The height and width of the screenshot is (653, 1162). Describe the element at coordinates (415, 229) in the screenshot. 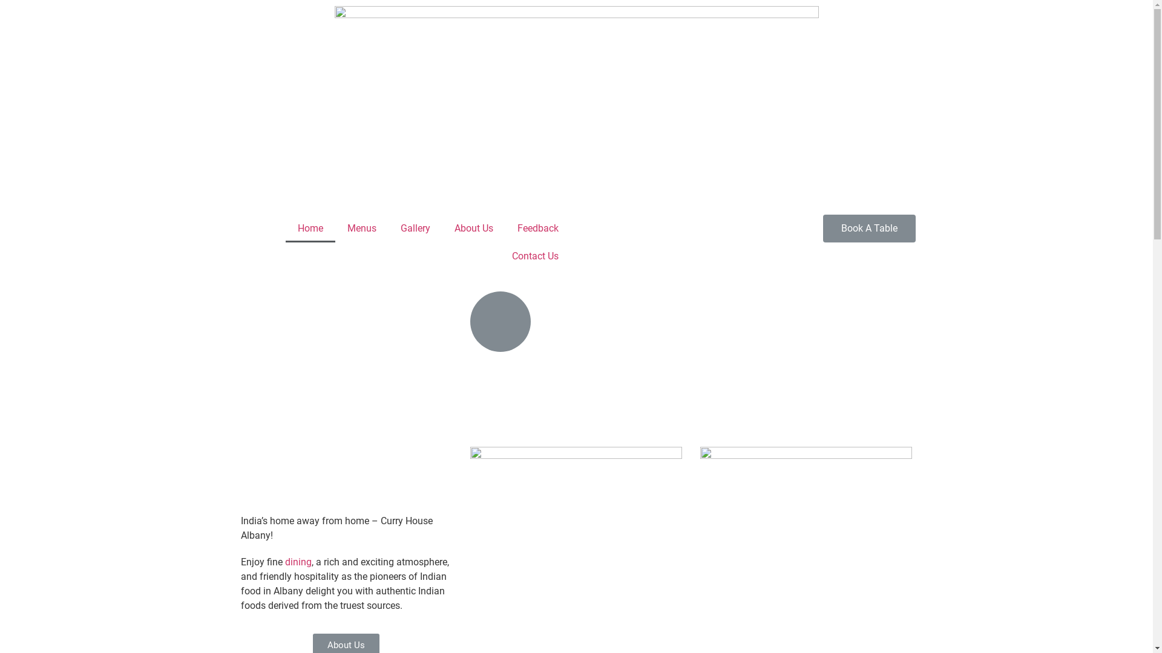

I see `'Gallery'` at that location.